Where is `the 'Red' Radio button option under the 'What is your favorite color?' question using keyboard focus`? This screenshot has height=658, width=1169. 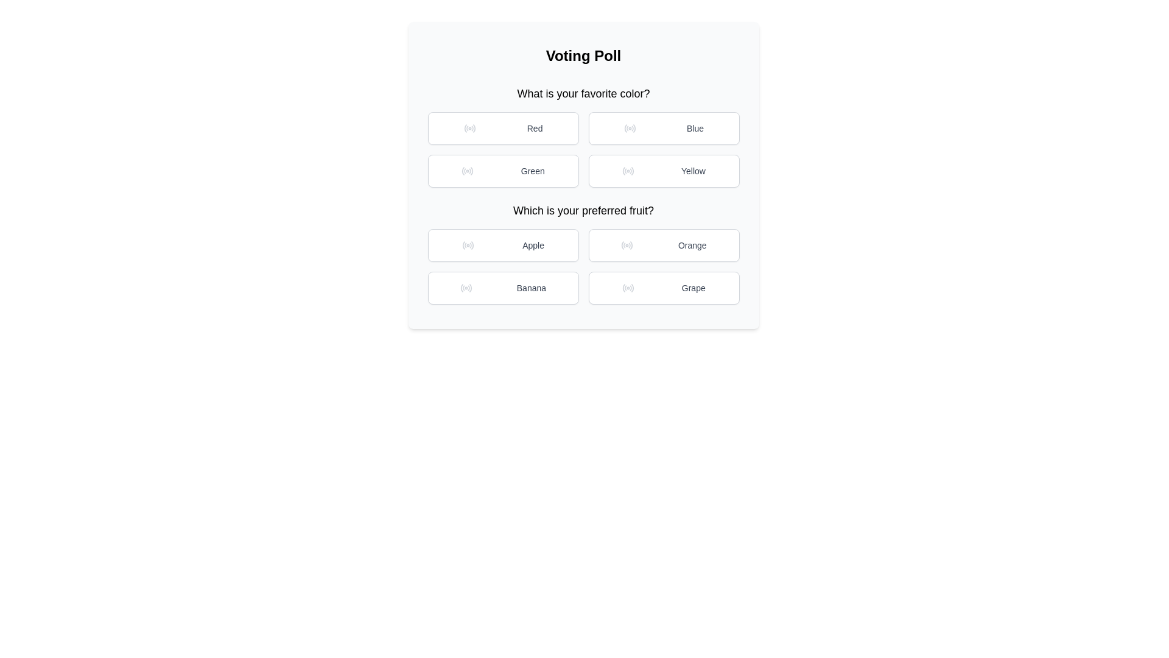
the 'Red' Radio button option under the 'What is your favorite color?' question using keyboard focus is located at coordinates (503, 129).